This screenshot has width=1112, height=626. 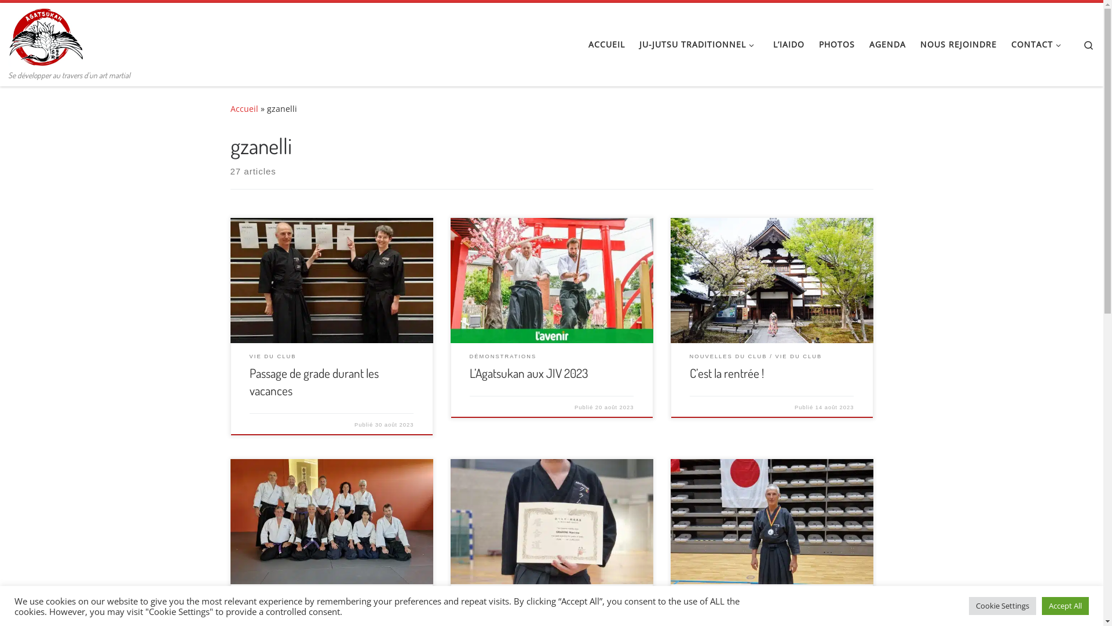 What do you see at coordinates (286, 598) in the screenshot?
I see `'NOUVEAUX GRADES'` at bounding box center [286, 598].